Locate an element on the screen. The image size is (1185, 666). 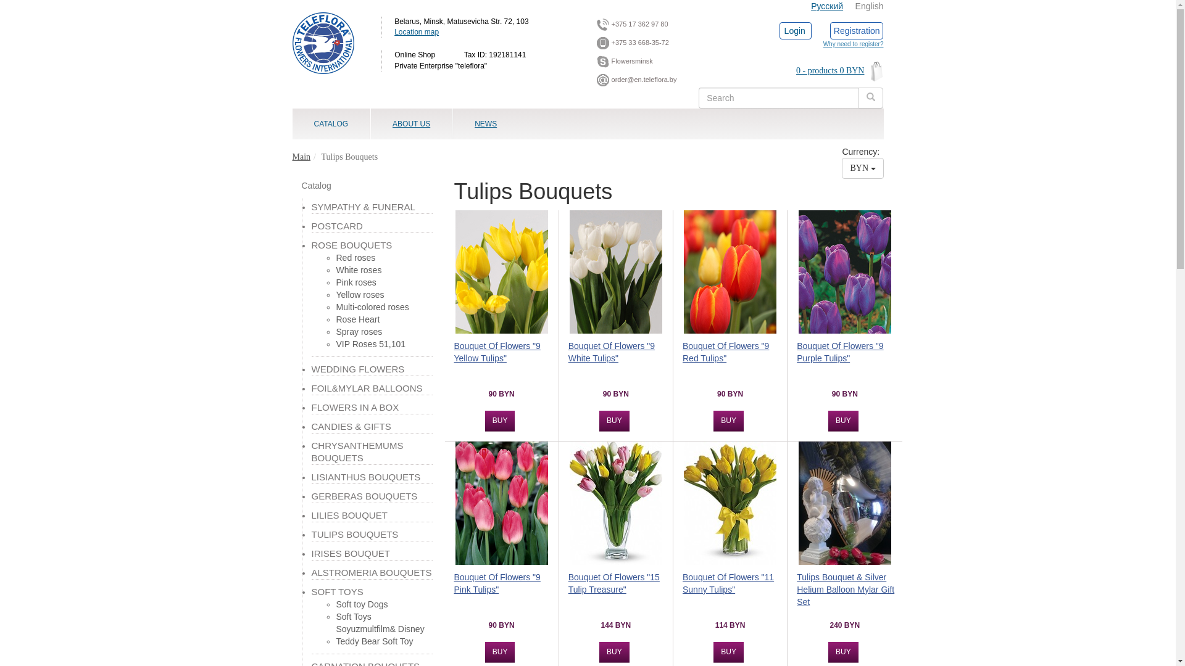
'CANDIES & GIFTS' is located at coordinates (350, 425).